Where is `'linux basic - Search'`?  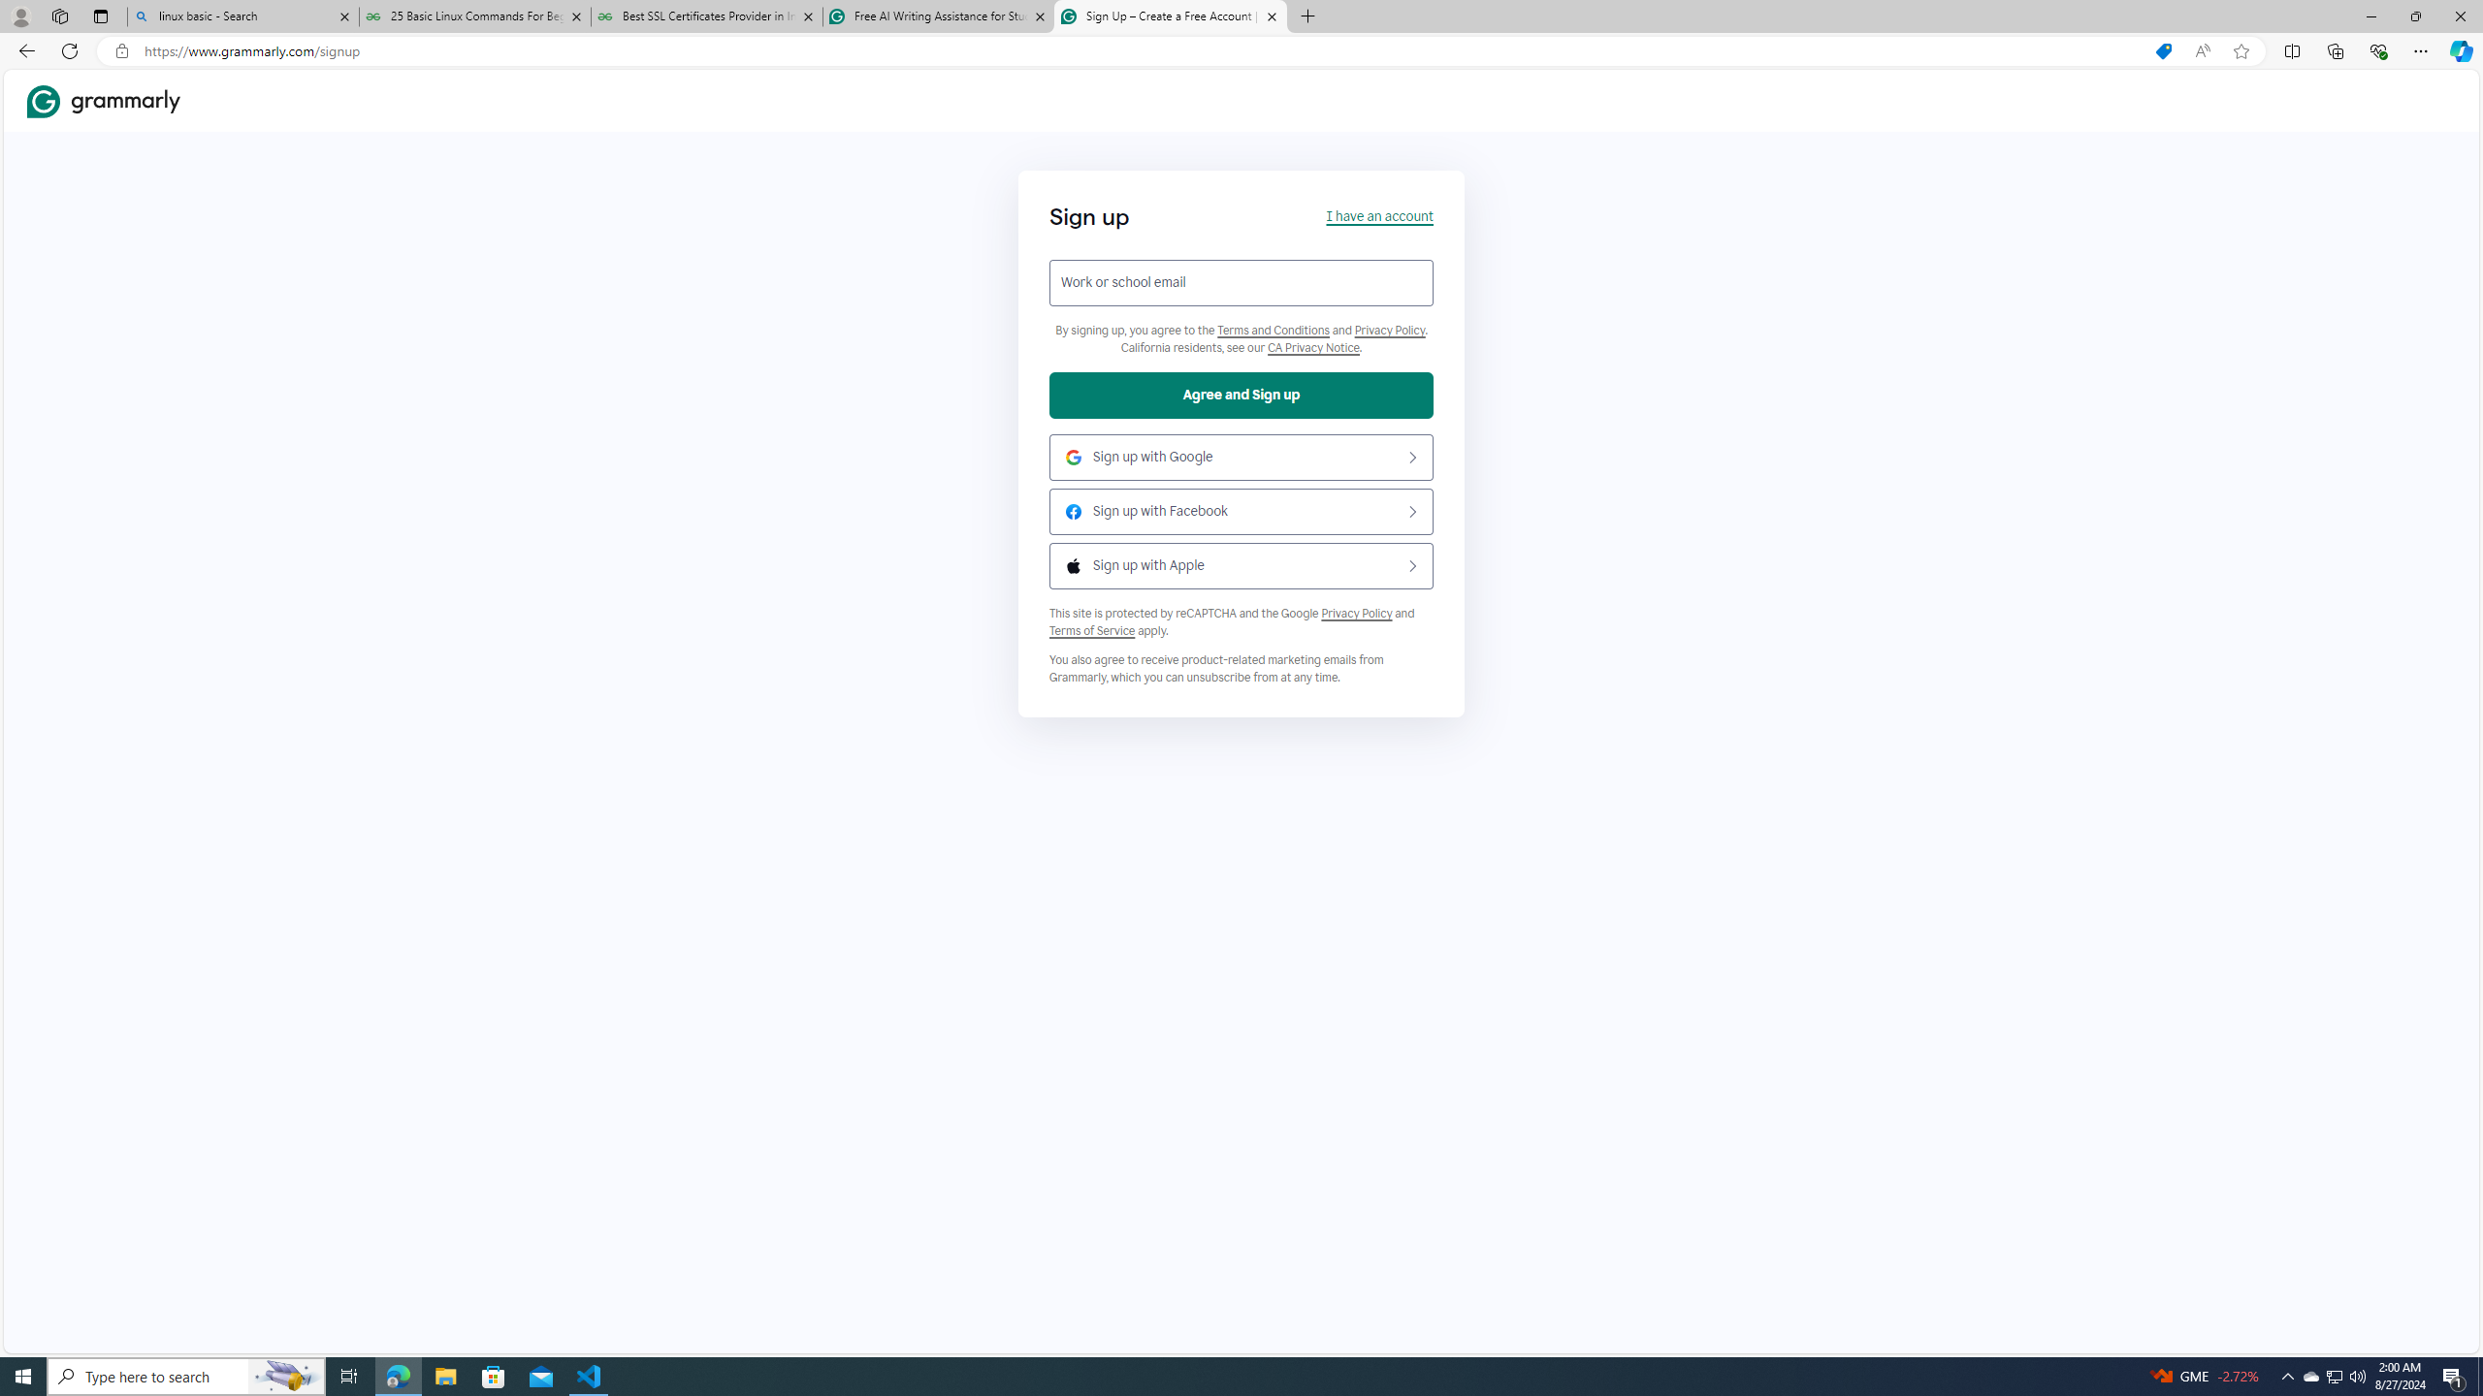 'linux basic - Search' is located at coordinates (242, 16).